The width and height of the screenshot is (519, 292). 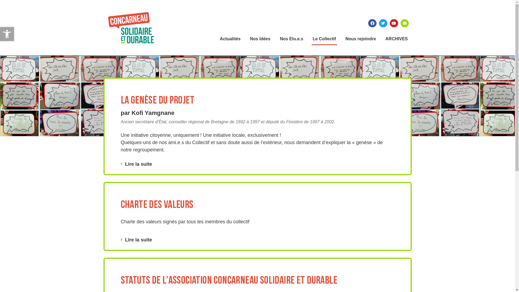 What do you see at coordinates (361, 38) in the screenshot?
I see `'Nous rejoindre'` at bounding box center [361, 38].